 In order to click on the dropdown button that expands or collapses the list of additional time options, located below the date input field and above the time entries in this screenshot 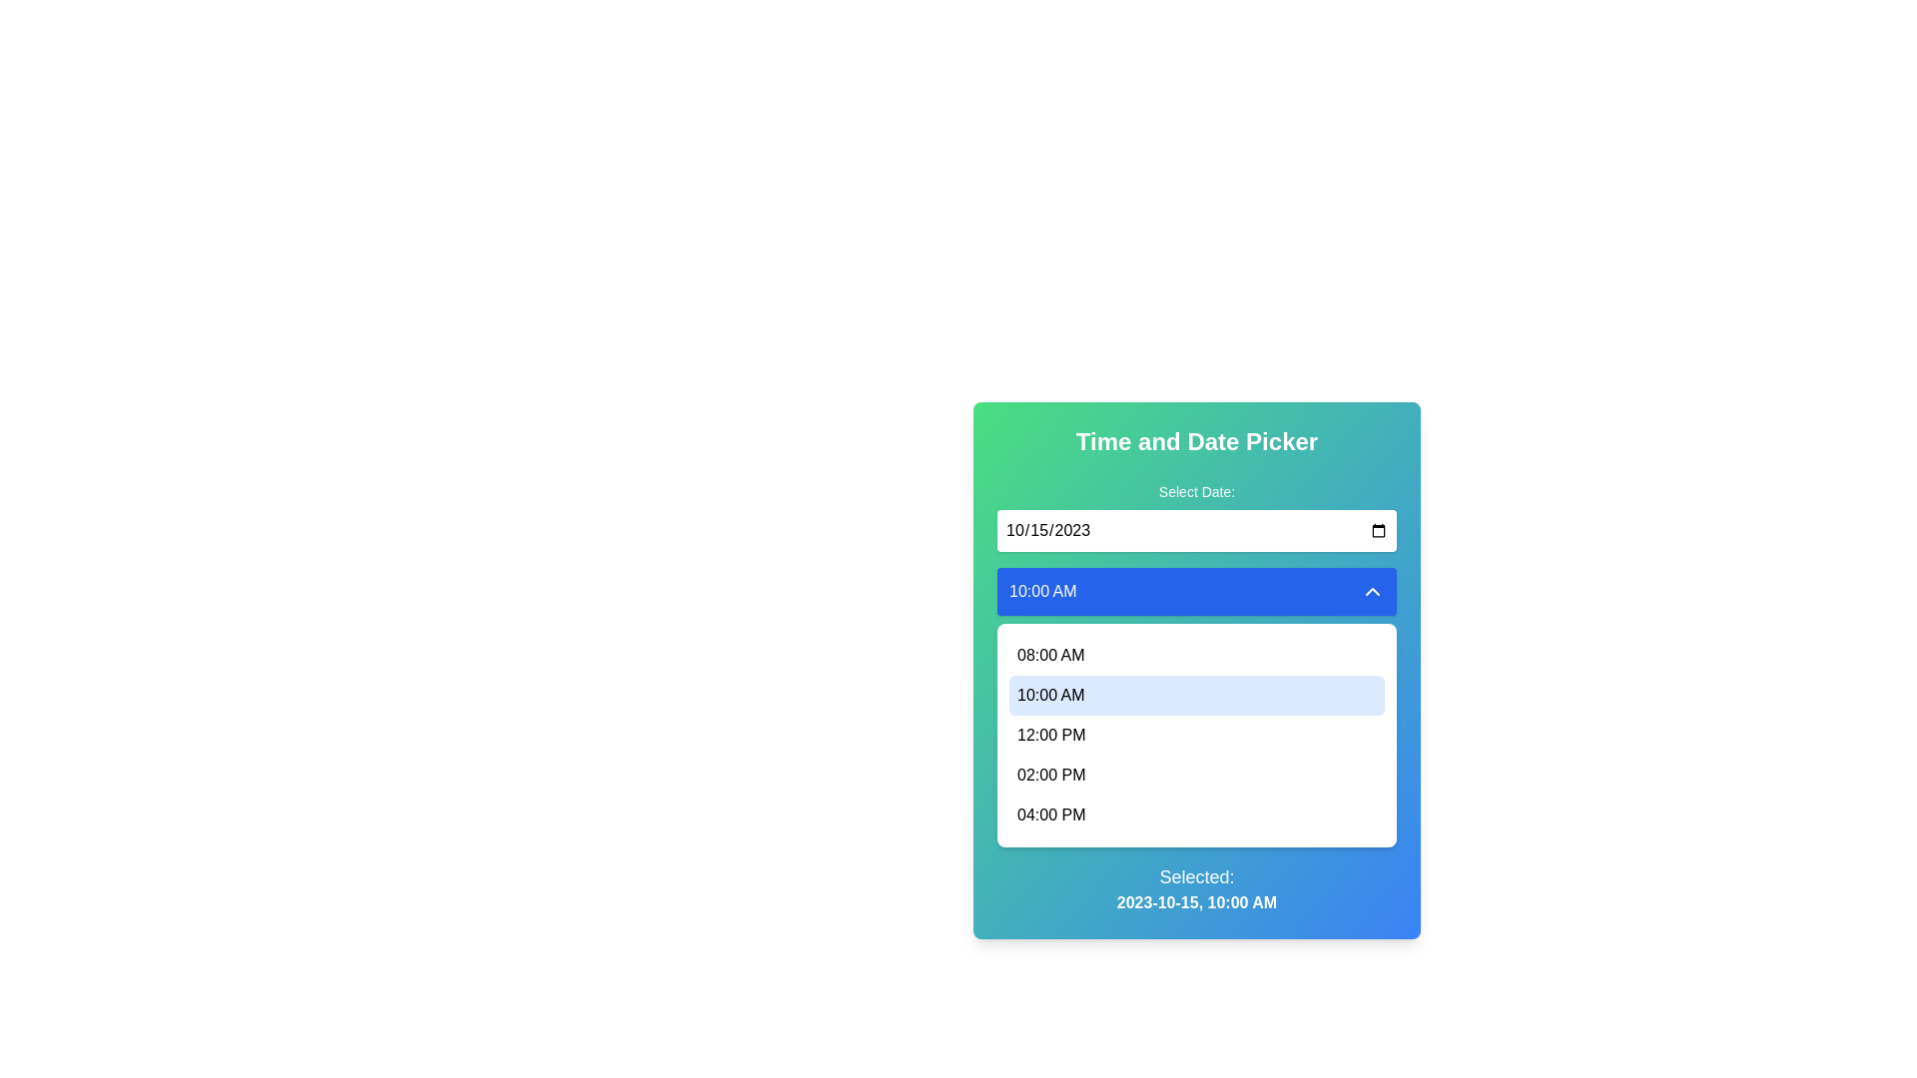, I will do `click(1197, 591)`.